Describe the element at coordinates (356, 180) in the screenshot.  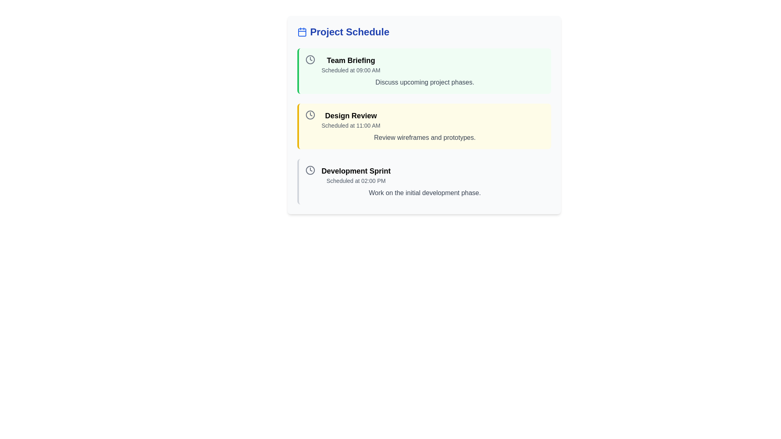
I see `the text label displaying 'Scheduled at 02:00 PM', which is styled in light gray and positioned under the bold title 'Development Sprint'` at that location.